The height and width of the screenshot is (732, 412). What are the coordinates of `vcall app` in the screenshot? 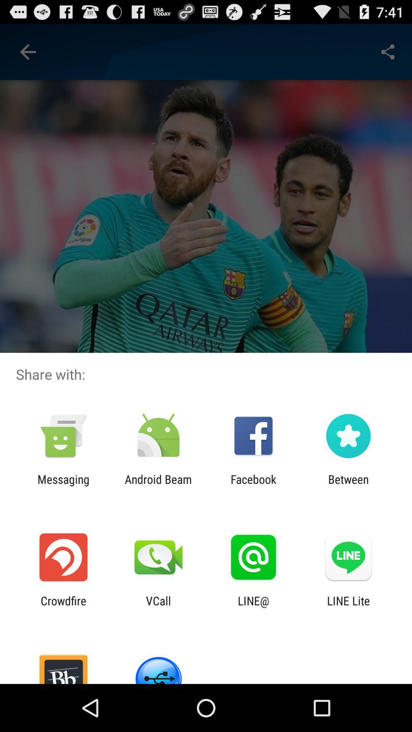 It's located at (158, 607).